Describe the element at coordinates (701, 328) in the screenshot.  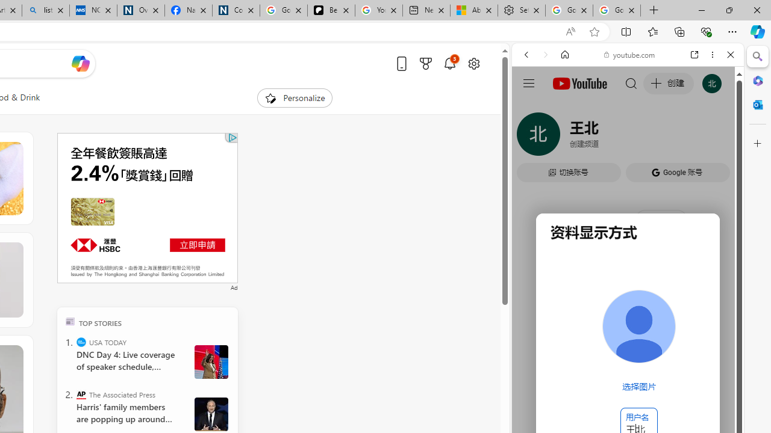
I see `'Show More Music'` at that location.